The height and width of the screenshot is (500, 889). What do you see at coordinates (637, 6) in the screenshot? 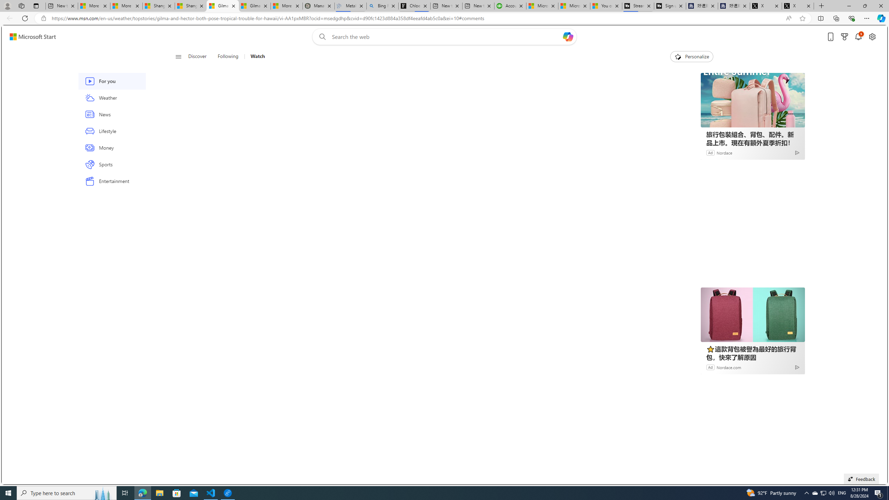
I see `'Streaming Coverage | T3'` at bounding box center [637, 6].